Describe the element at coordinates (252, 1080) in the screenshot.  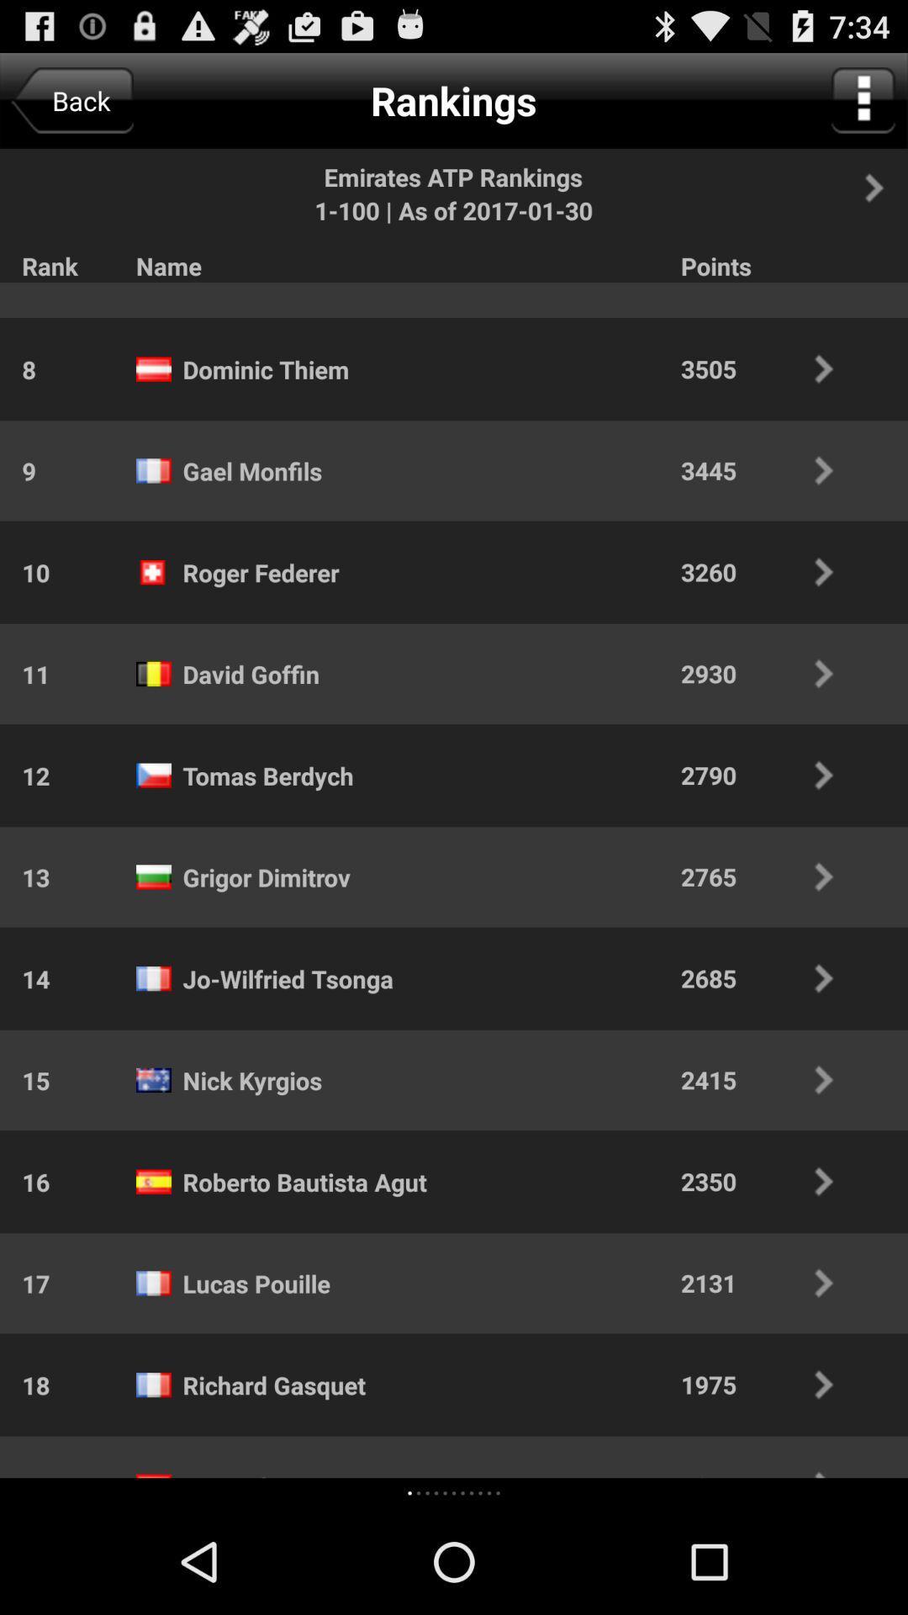
I see `item below the jo-wilfried tsonga` at that location.